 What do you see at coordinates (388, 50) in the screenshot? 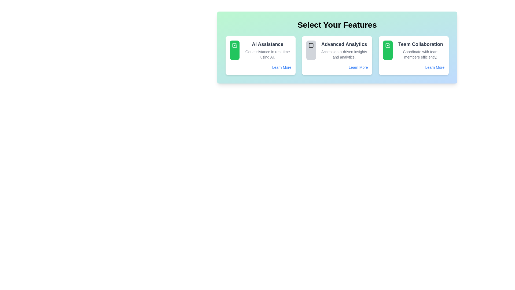
I see `the green rectangular button with a check mark icon in the Team Collaboration section` at bounding box center [388, 50].